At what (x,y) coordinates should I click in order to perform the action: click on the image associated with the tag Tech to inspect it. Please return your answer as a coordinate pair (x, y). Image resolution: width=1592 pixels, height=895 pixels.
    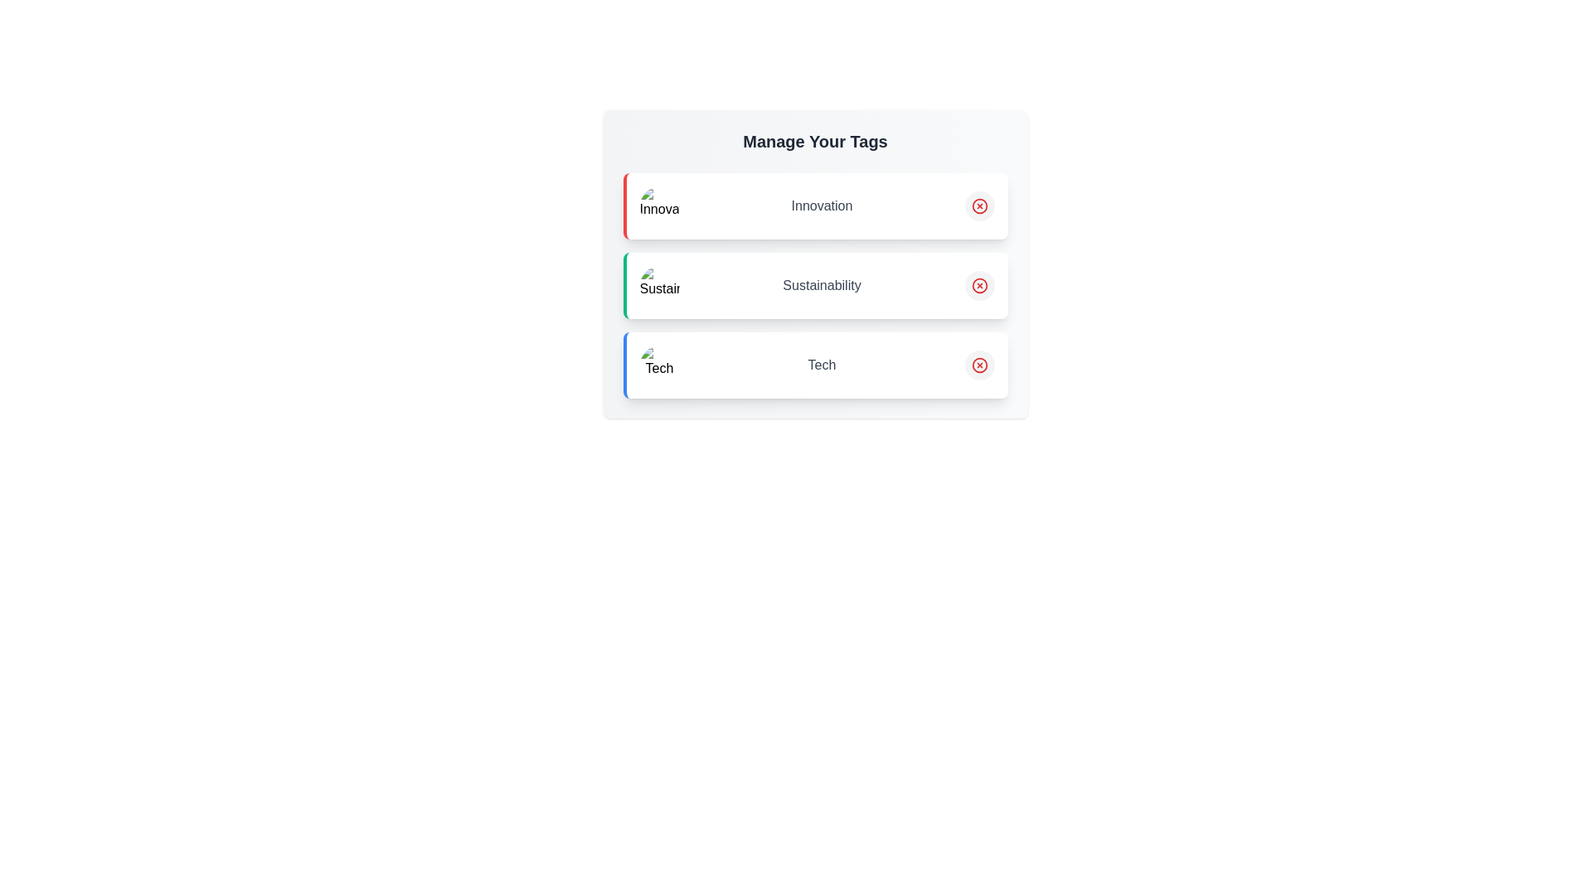
    Looking at the image, I should click on (658, 364).